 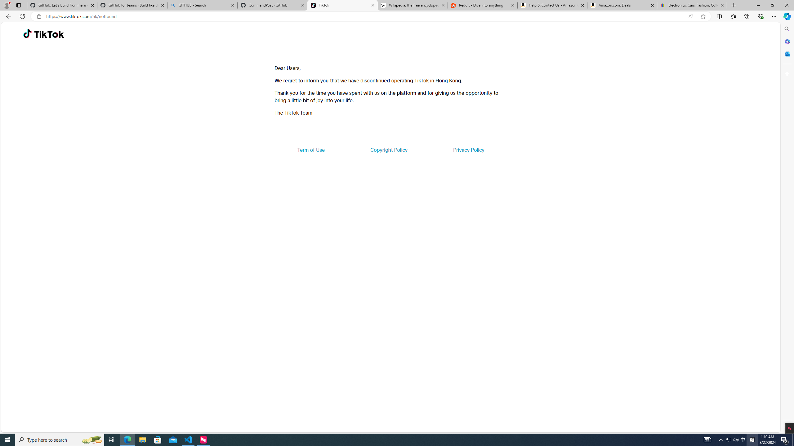 I want to click on 'Microsoft 365', so click(x=786, y=42).